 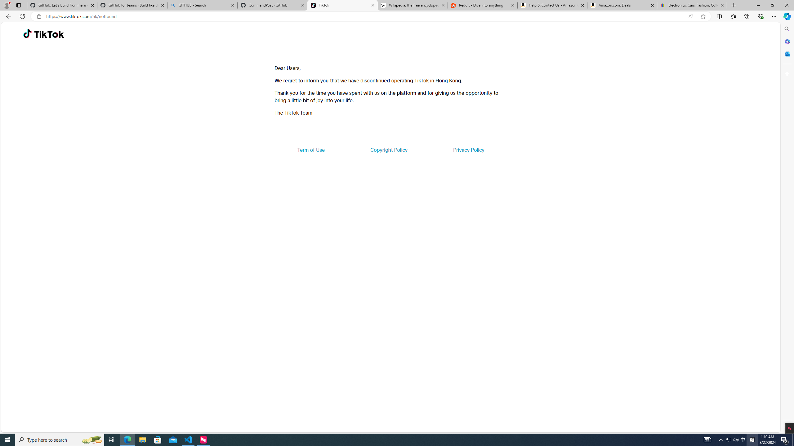 I want to click on 'Microsoft 365', so click(x=786, y=42).